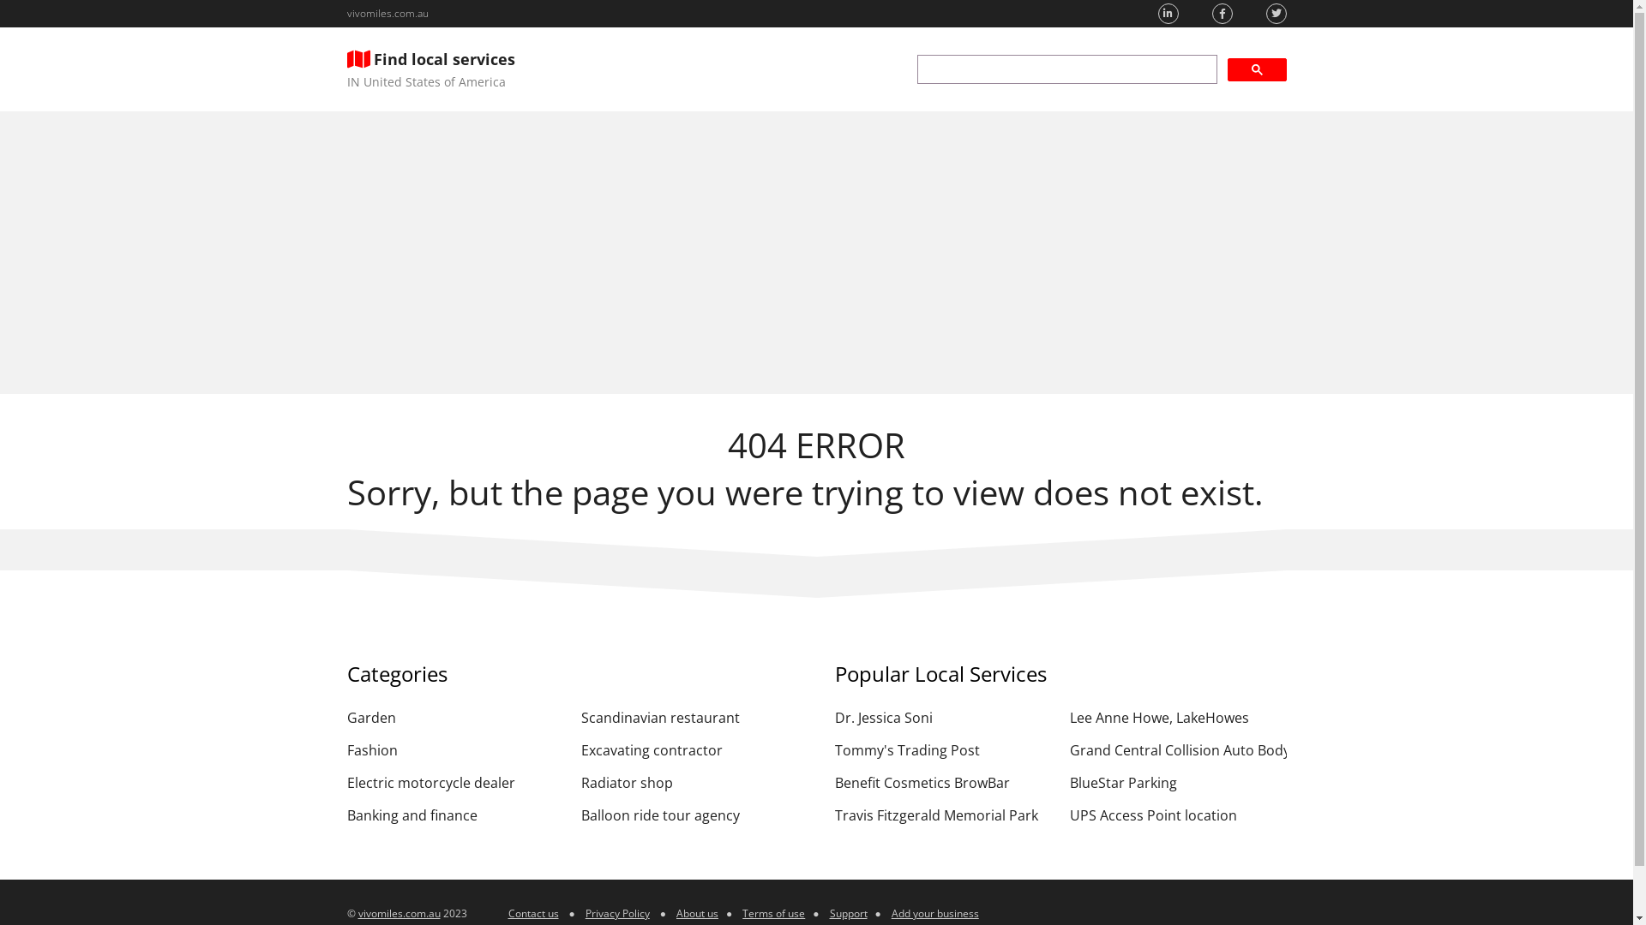 This screenshot has width=1646, height=925. I want to click on 'Benefit Cosmetics BrowBar', so click(835, 783).